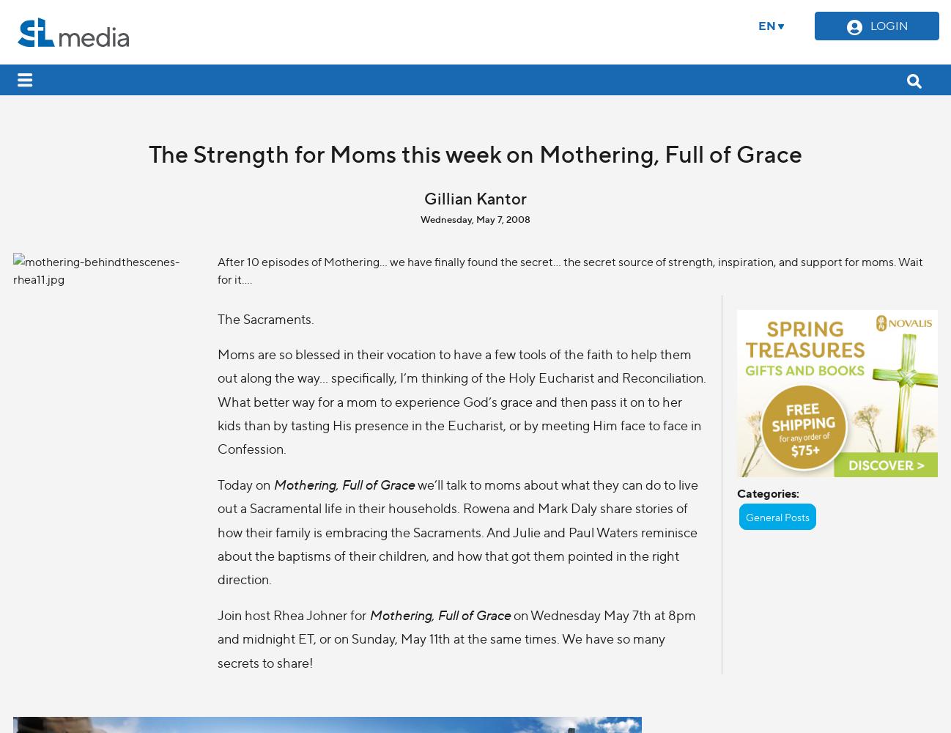 The width and height of the screenshot is (951, 733). Describe the element at coordinates (887, 25) in the screenshot. I see `'LOGIN'` at that location.